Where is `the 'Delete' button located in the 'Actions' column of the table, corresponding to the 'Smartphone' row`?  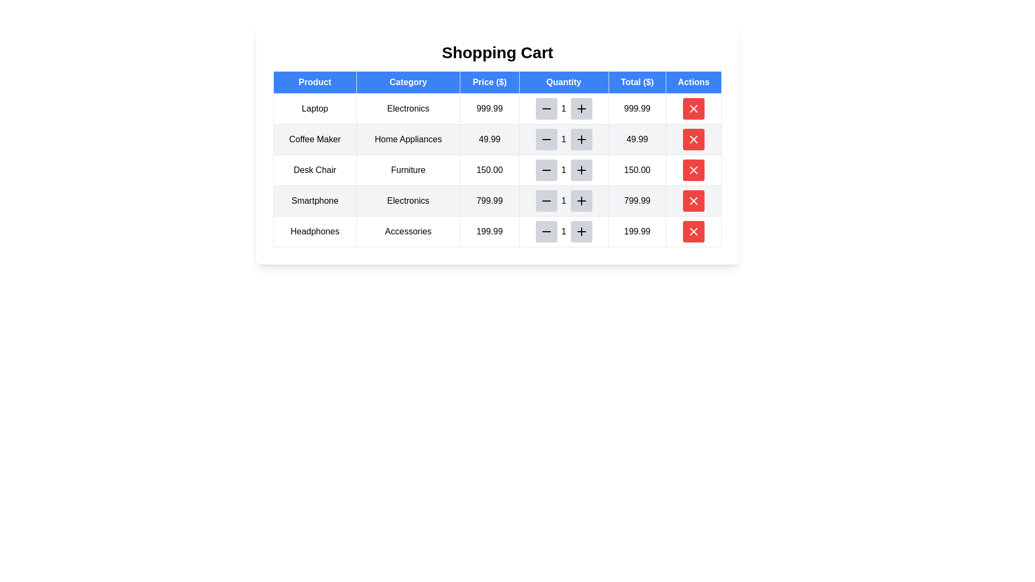 the 'Delete' button located in the 'Actions' column of the table, corresponding to the 'Smartphone' row is located at coordinates (693, 201).